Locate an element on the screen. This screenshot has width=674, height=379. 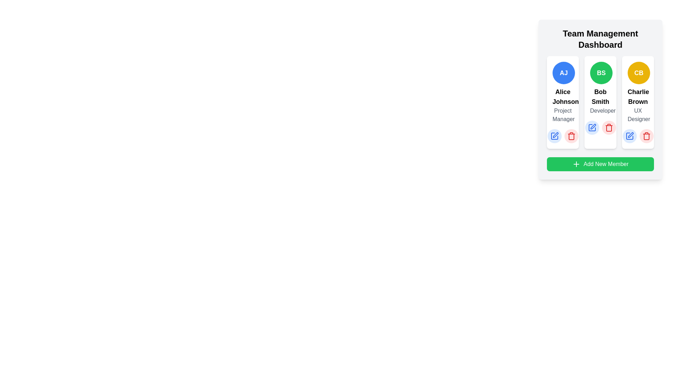
the static text label displaying 'Alice Johnson,' which is styled with a bold font and located beneath the circular blue icon with initials 'AJ.' is located at coordinates (563, 97).